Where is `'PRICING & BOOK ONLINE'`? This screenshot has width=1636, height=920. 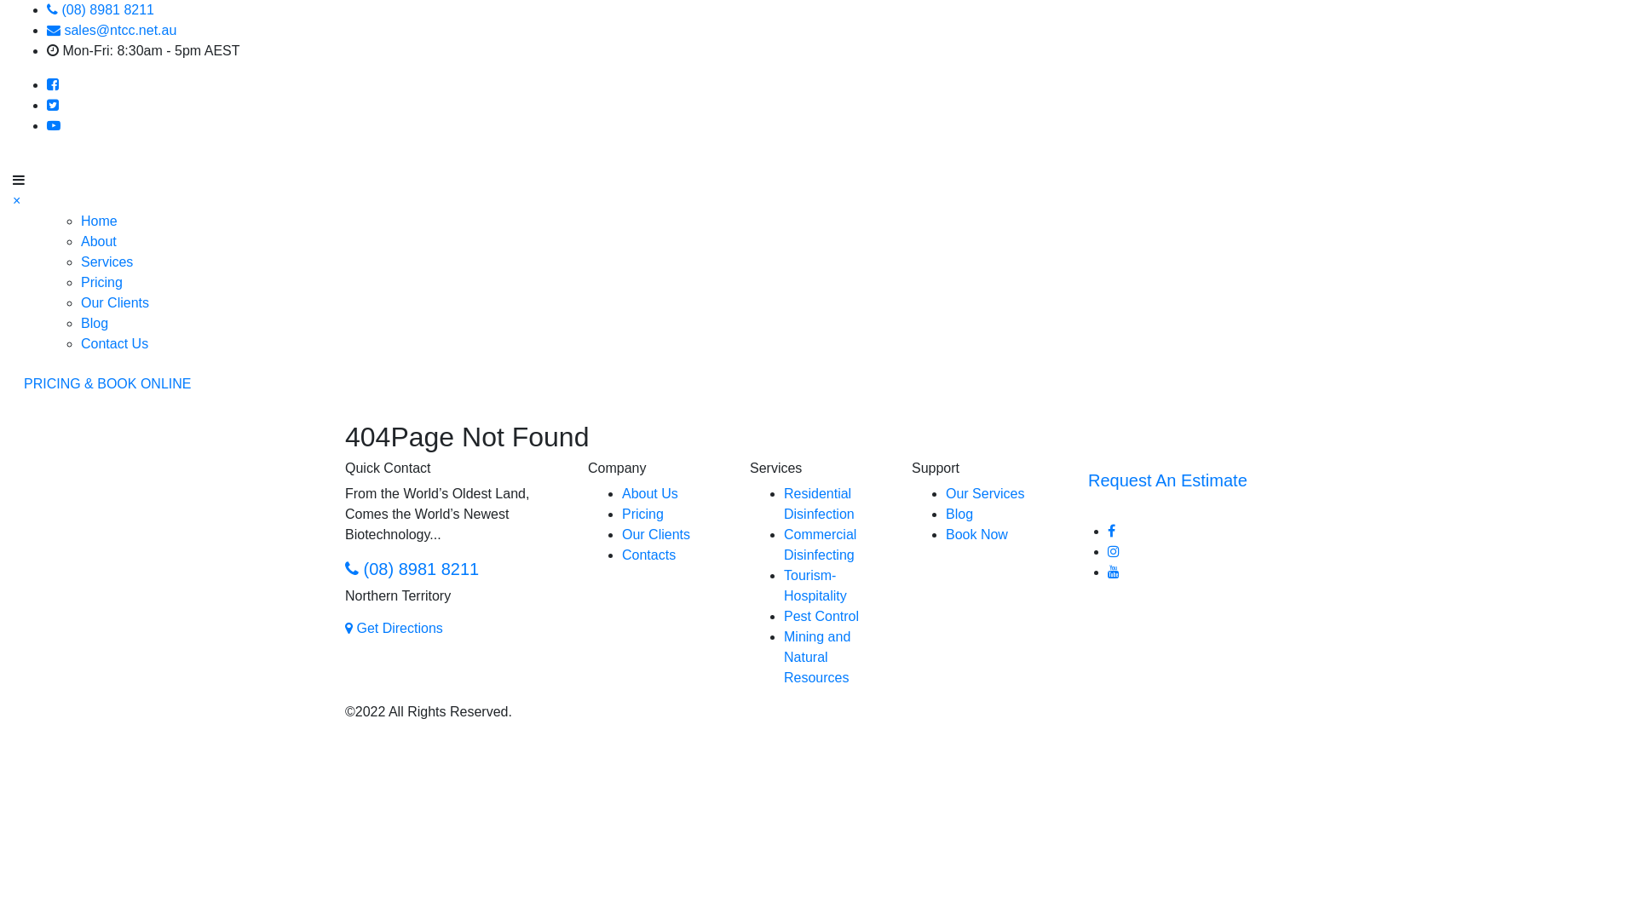
'PRICING & BOOK ONLINE' is located at coordinates (12, 384).